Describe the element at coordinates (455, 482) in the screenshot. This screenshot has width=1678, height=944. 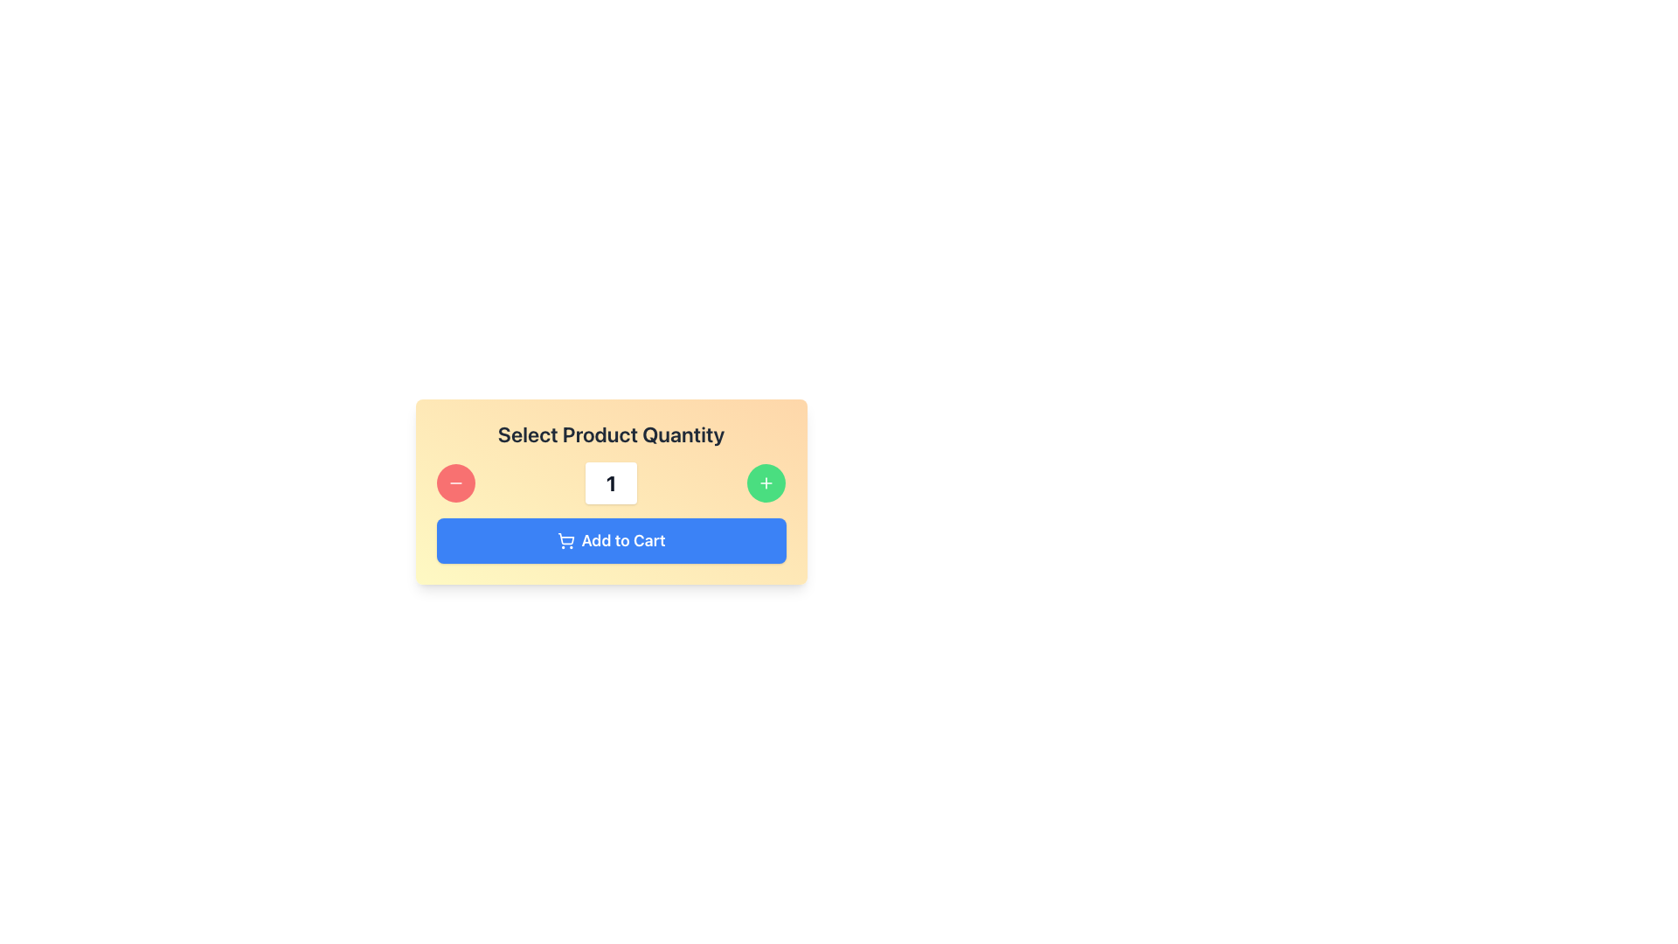
I see `the minus icon within the round red button used for decreasing the product quantity, located to the left of the numeric display` at that location.